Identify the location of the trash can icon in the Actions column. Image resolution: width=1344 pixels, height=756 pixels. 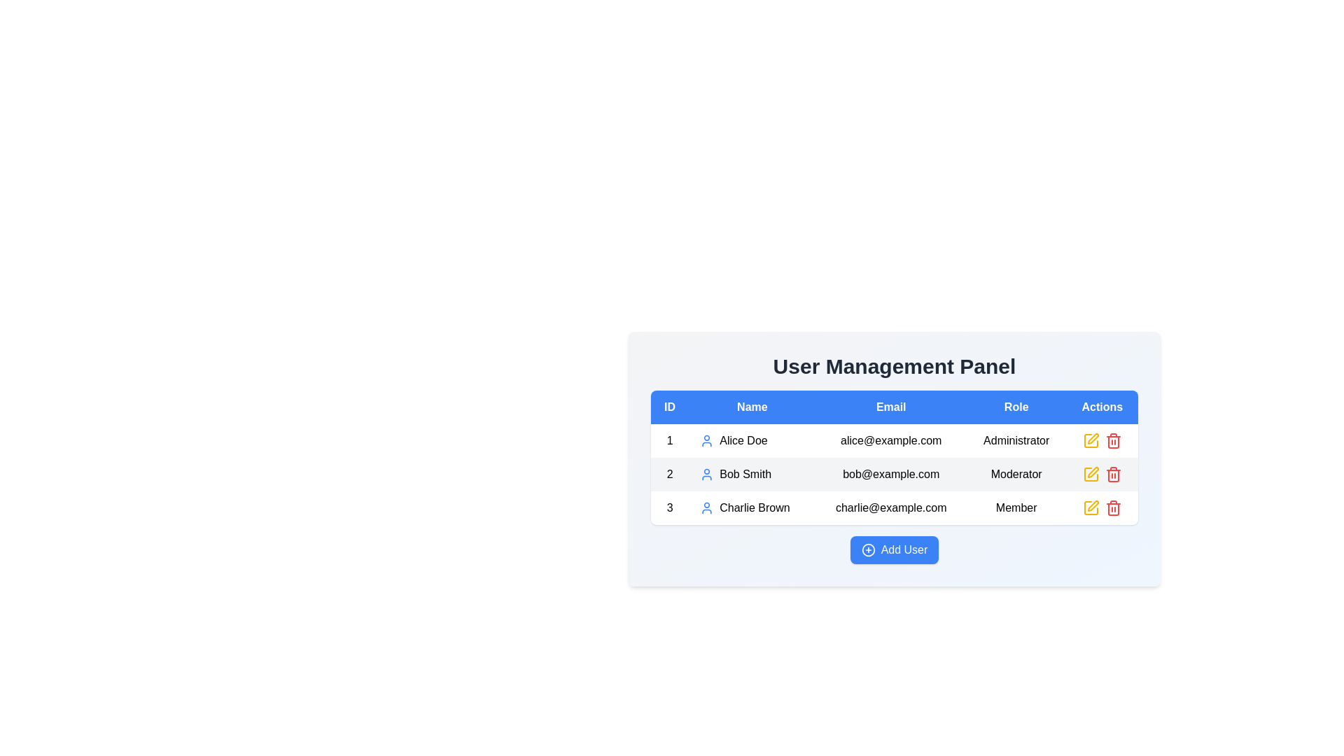
(1101, 474).